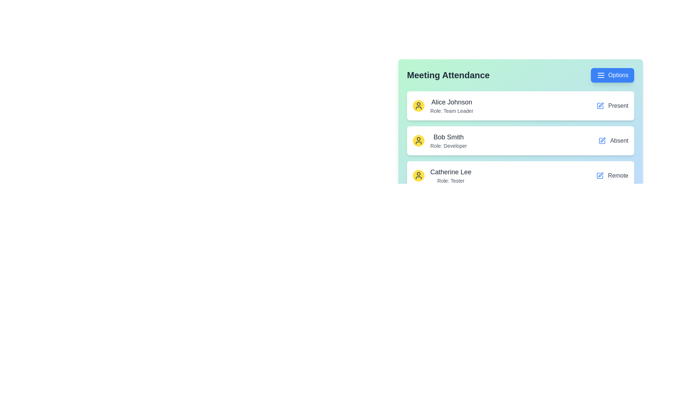  I want to click on the informative text displaying 'Role: Developer' which is located beneath the name 'Bob Smith' in gray color, so click(448, 146).